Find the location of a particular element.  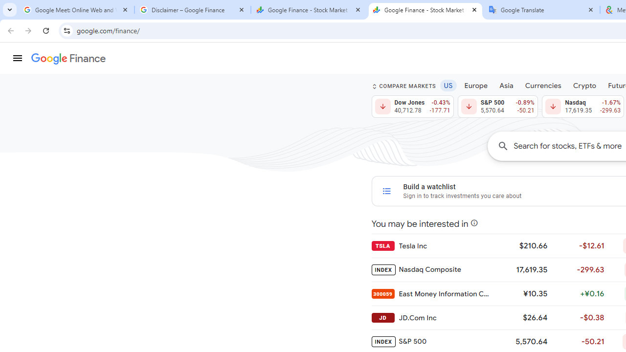

'Asia' is located at coordinates (506, 85).